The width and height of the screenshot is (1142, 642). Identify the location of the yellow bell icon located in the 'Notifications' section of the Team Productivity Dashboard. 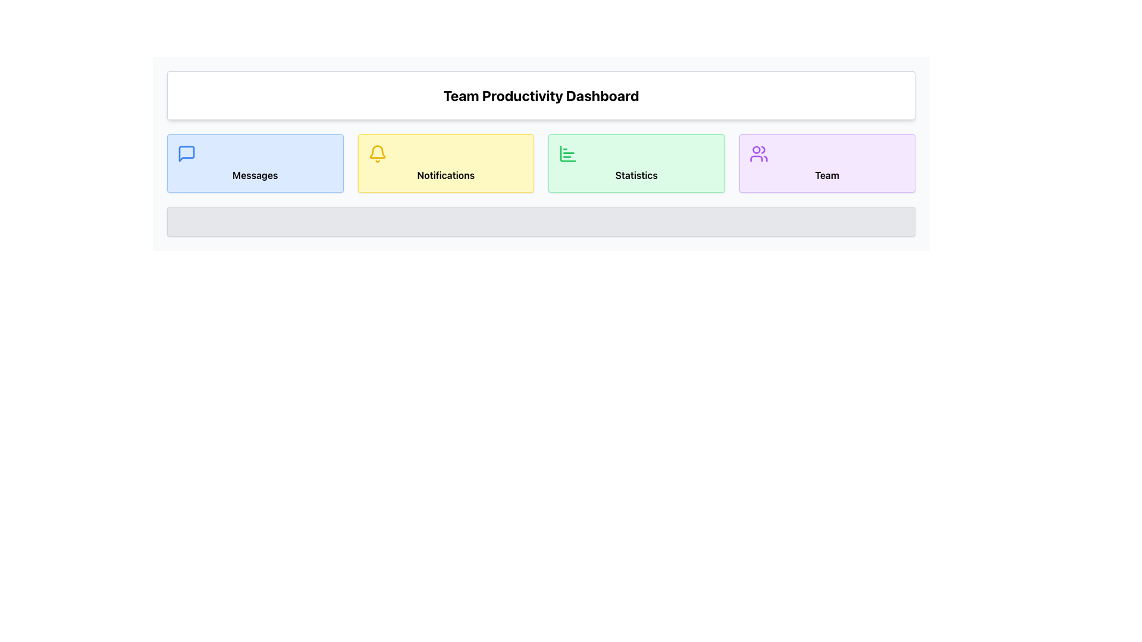
(377, 153).